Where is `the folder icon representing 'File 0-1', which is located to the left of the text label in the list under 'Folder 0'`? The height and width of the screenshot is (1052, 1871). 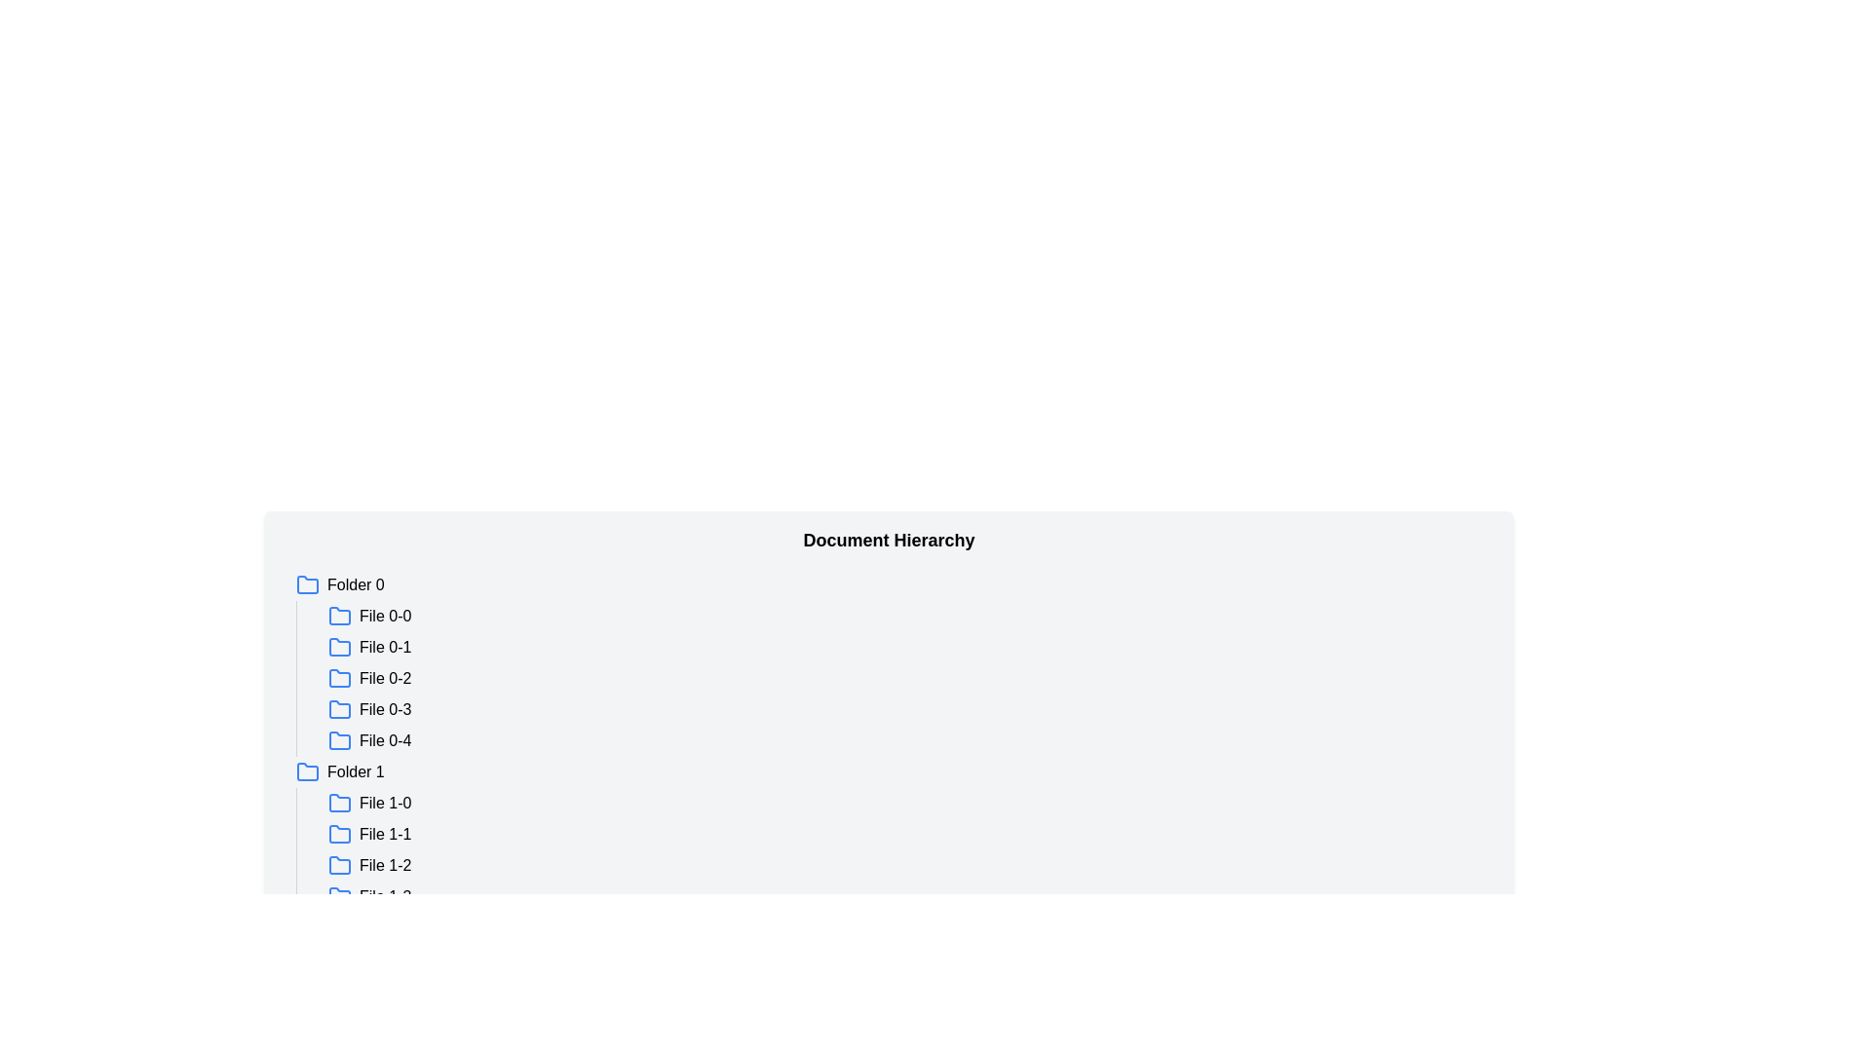
the folder icon representing 'File 0-1', which is located to the left of the text label in the list under 'Folder 0' is located at coordinates (340, 647).